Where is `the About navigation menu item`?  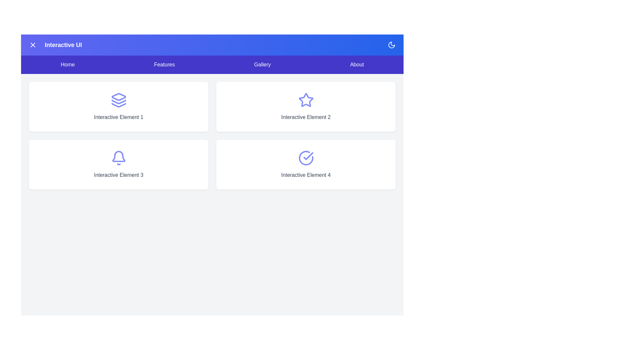 the About navigation menu item is located at coordinates (356, 64).